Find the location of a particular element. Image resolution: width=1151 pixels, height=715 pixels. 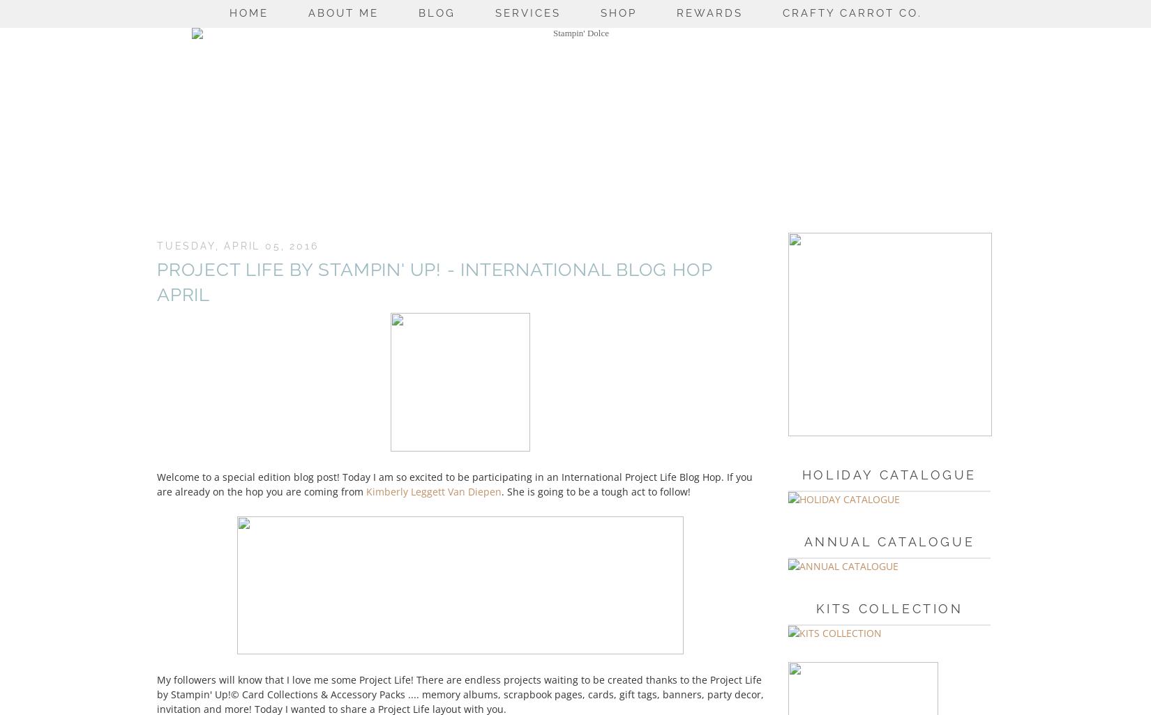

'HOLIDAY CATALOGUE' is located at coordinates (888, 473).